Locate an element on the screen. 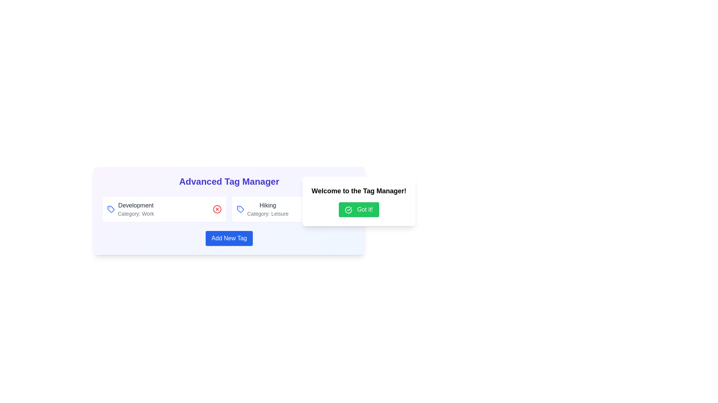 The image size is (718, 403). the red circular delete button with a crossed-out symbol, located on the far right of the row containing 'Development' and 'Category: Work' is located at coordinates (217, 209).